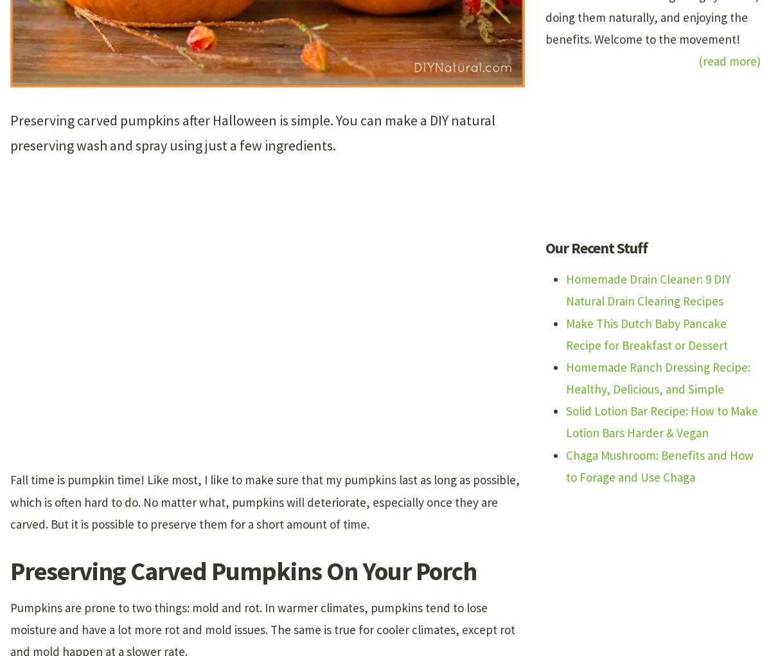  What do you see at coordinates (565, 378) in the screenshot?
I see `'Homemade Ranch Dressing Recipe: Healthy, Delicious, and Simple'` at bounding box center [565, 378].